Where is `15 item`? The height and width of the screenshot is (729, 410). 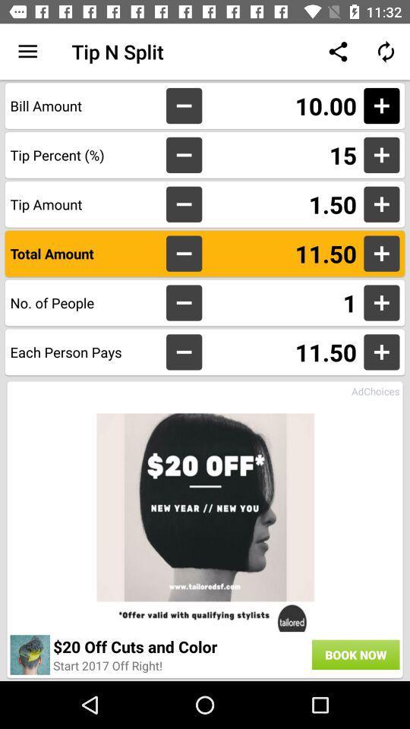 15 item is located at coordinates (282, 155).